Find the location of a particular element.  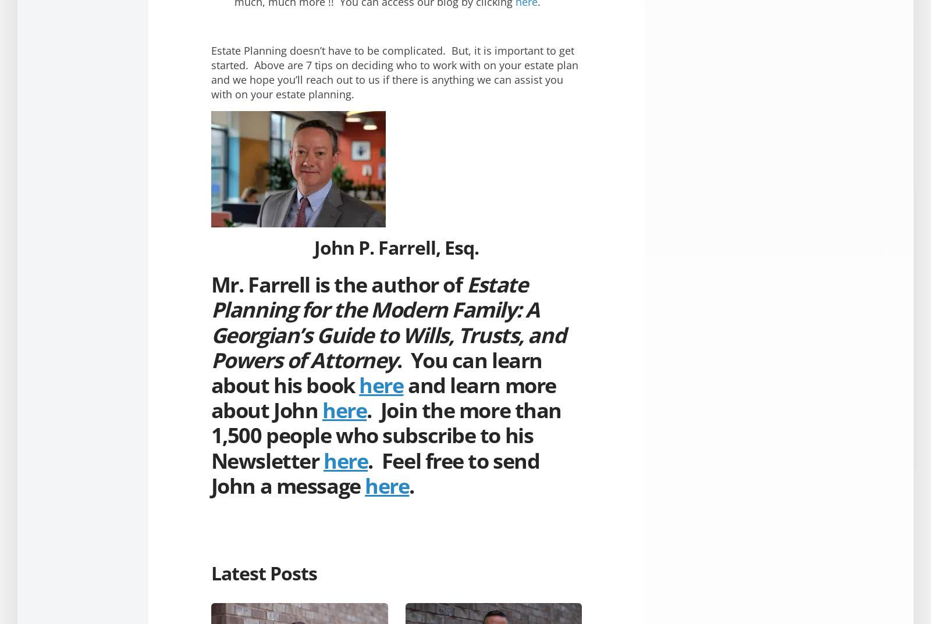

'Estate Planning for the Modern Family: A Georgian’s Guide to Wills, Trusts, and Powers of Attorney' is located at coordinates (388, 322).